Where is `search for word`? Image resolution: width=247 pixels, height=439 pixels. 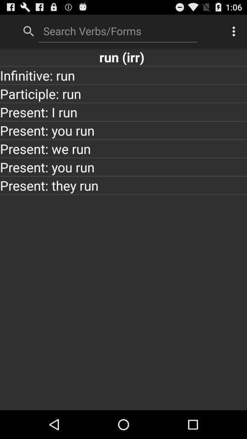 search for word is located at coordinates (118, 31).